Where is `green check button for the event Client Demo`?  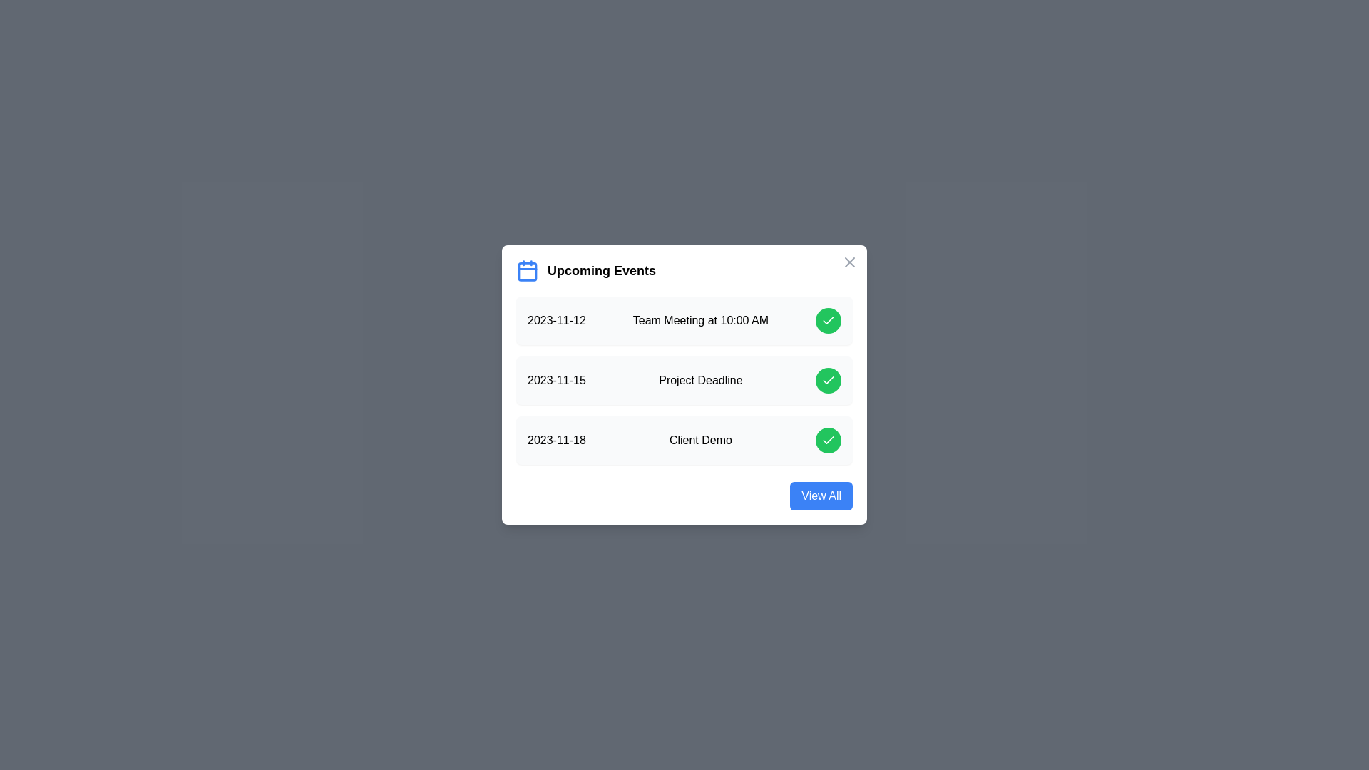 green check button for the event Client Demo is located at coordinates (828, 439).